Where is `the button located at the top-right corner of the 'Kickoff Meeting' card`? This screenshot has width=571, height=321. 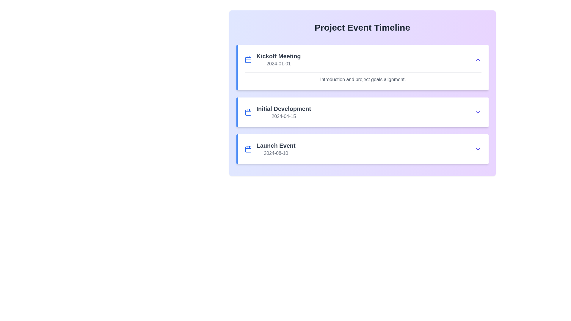
the button located at the top-right corner of the 'Kickoff Meeting' card is located at coordinates (478, 59).